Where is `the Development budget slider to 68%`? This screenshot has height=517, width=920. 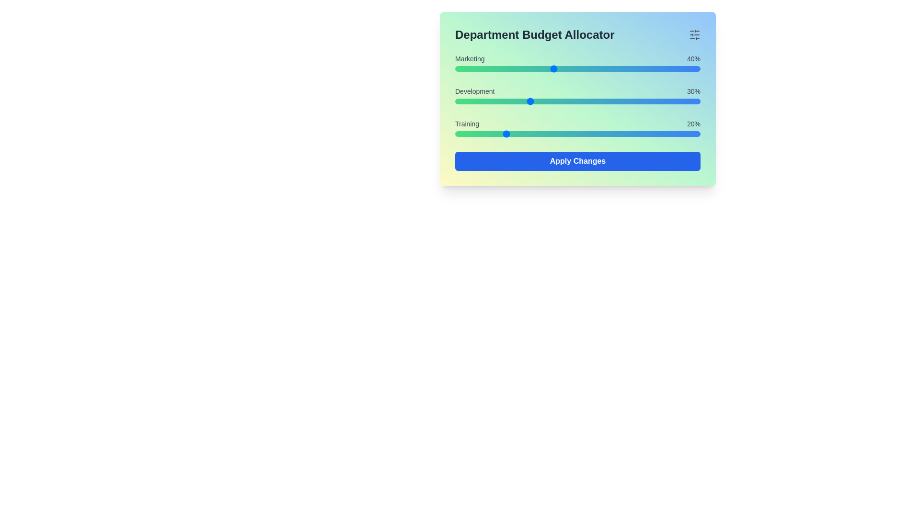
the Development budget slider to 68% is located at coordinates (622, 101).